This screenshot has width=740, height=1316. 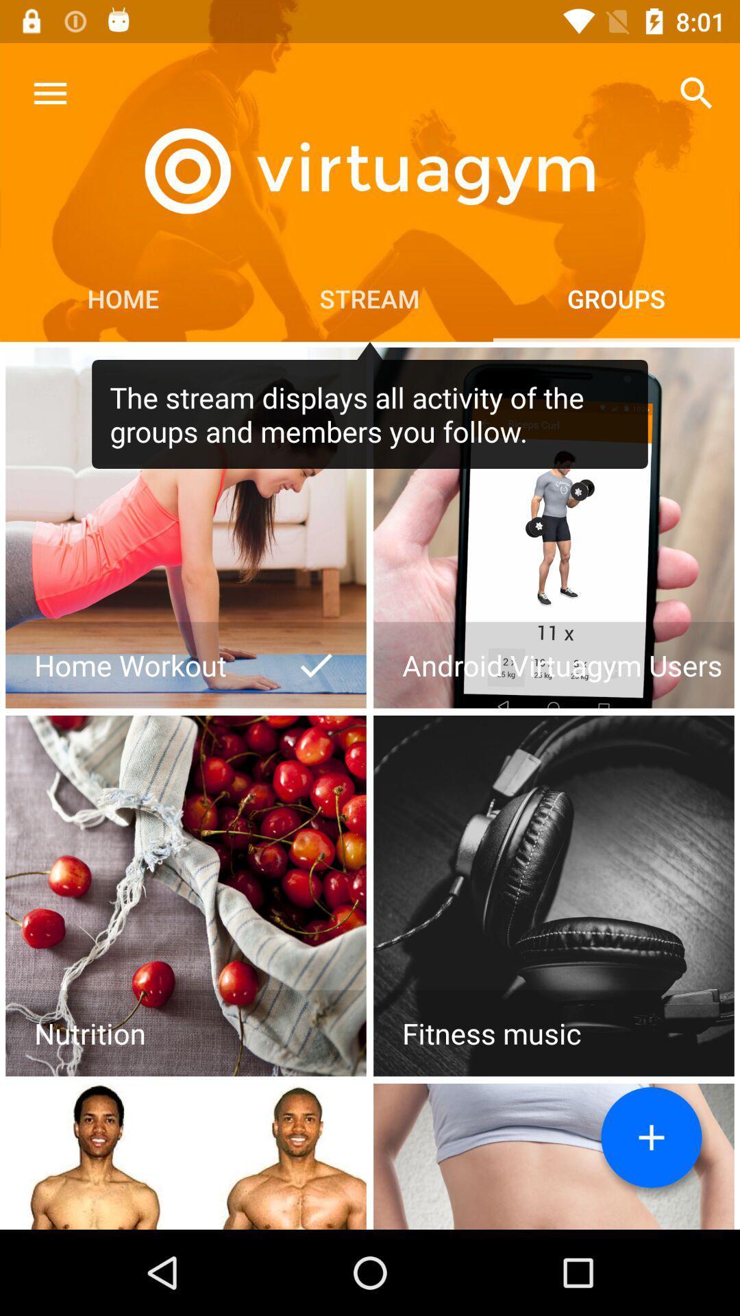 What do you see at coordinates (651, 1137) in the screenshot?
I see `the add icon` at bounding box center [651, 1137].